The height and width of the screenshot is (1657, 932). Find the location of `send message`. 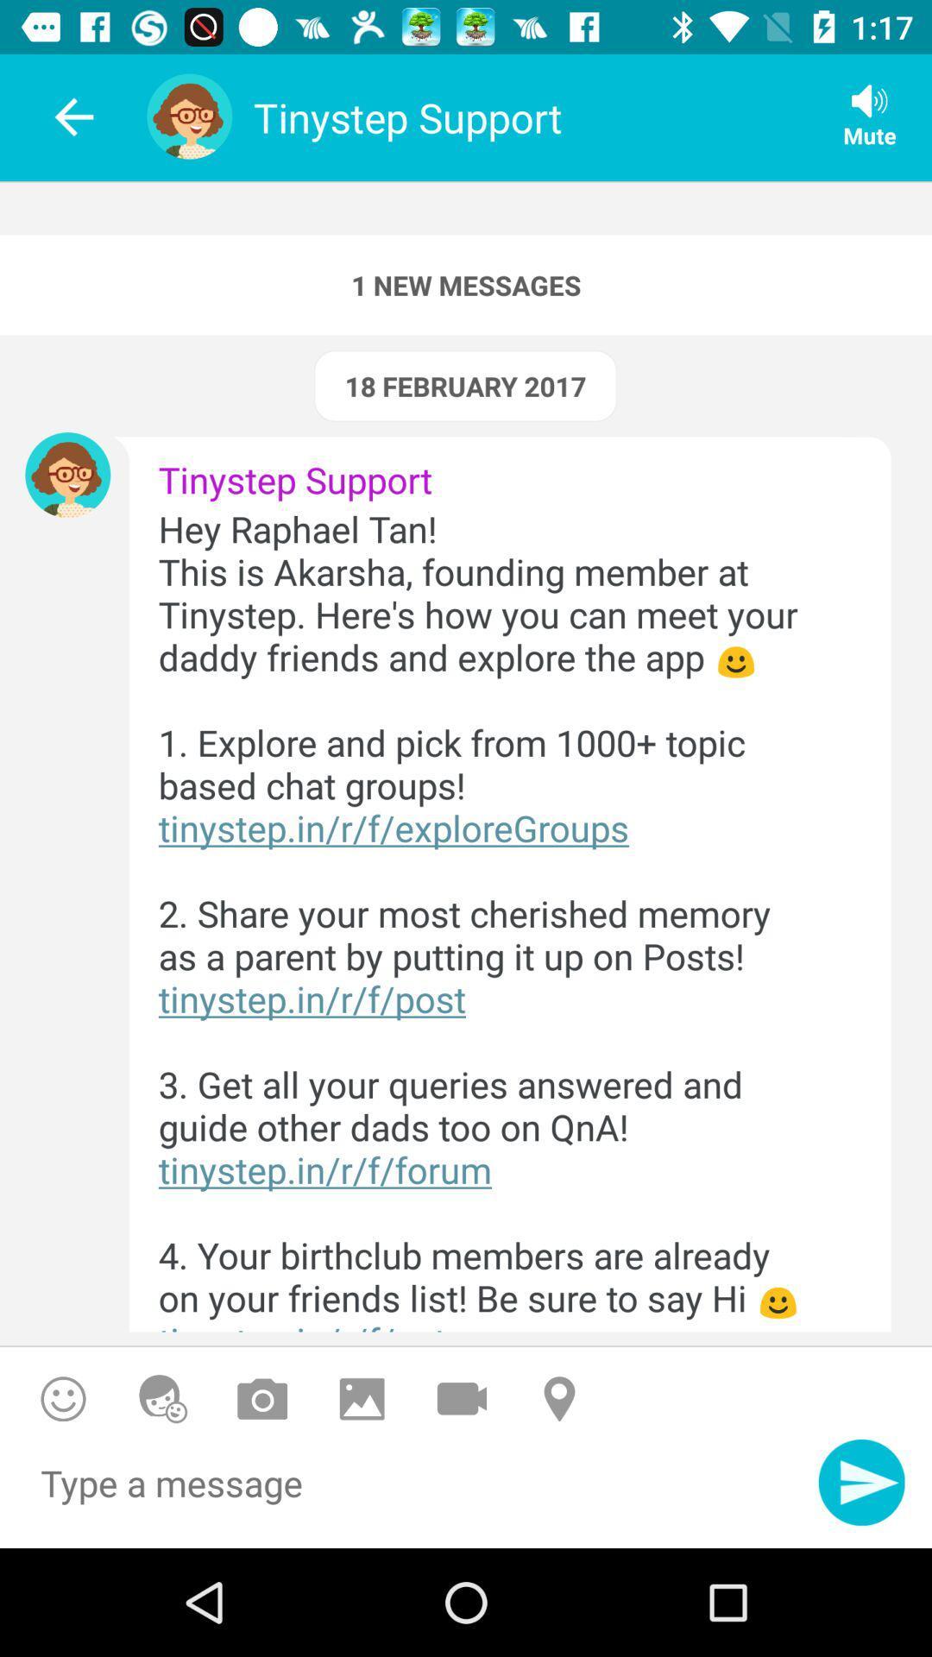

send message is located at coordinates (861, 1481).